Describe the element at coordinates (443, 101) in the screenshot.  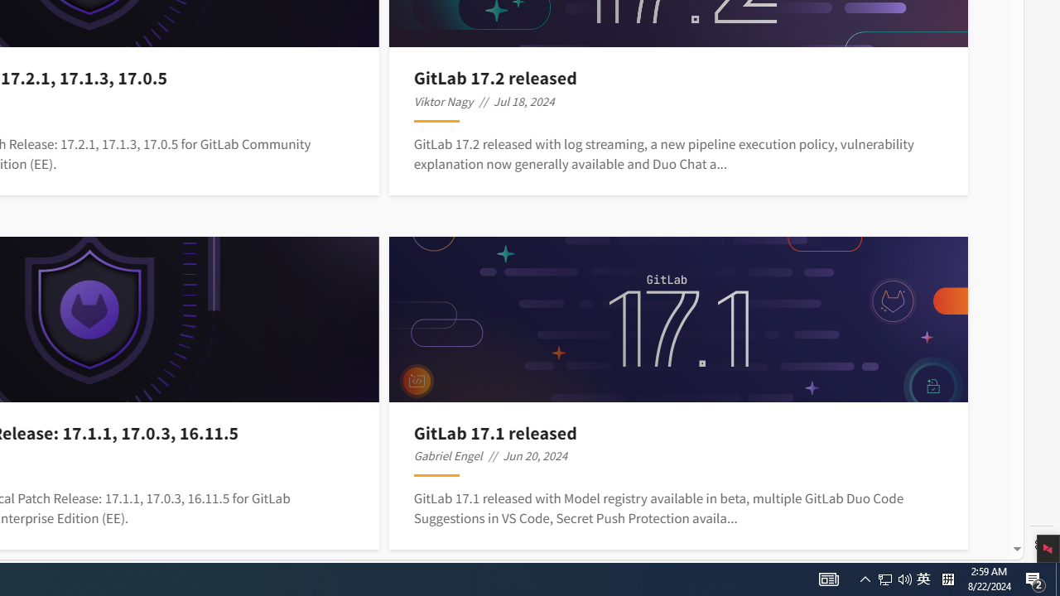
I see `'Viktor Nagy'` at that location.